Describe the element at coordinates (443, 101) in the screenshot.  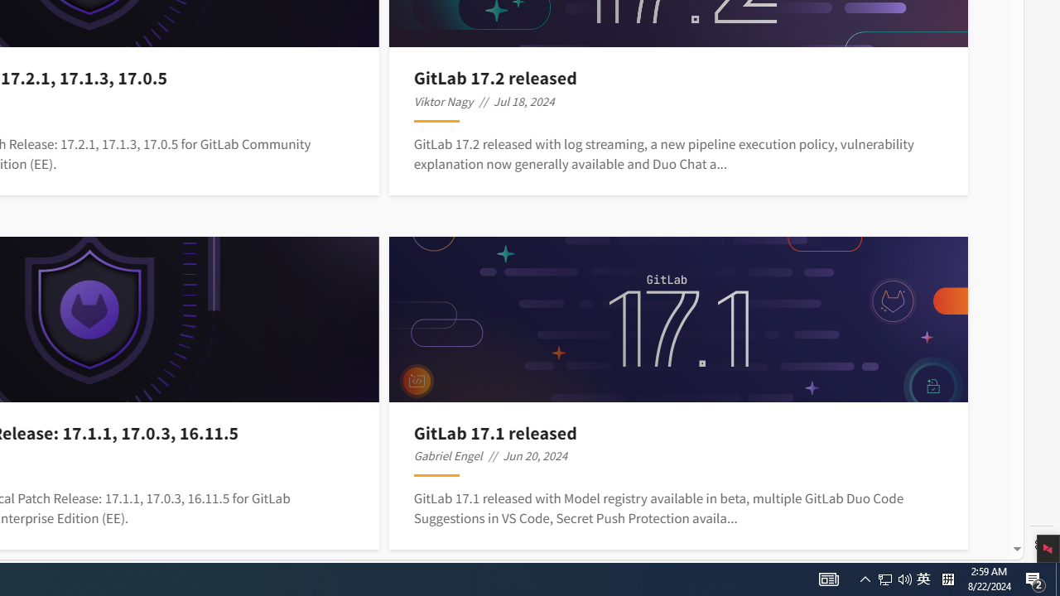
I see `'Viktor Nagy'` at that location.